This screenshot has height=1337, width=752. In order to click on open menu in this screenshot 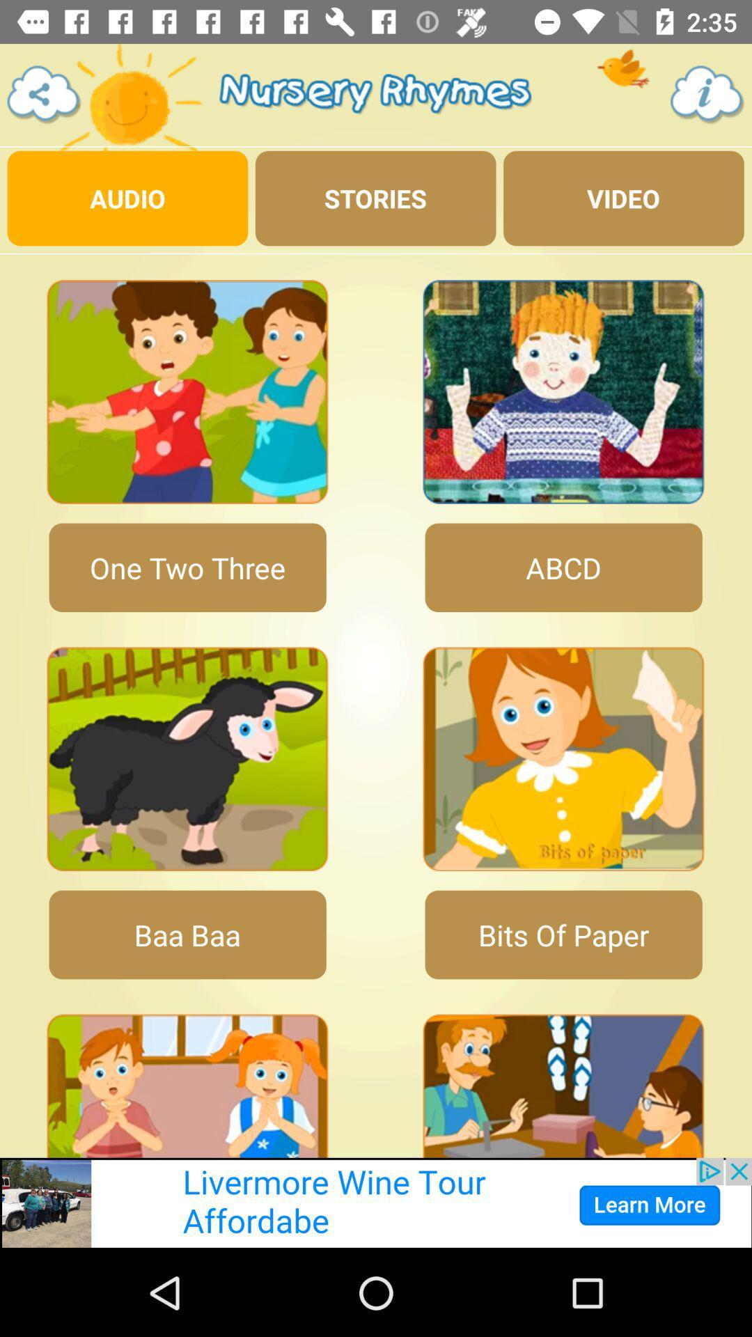, I will do `click(43, 94)`.